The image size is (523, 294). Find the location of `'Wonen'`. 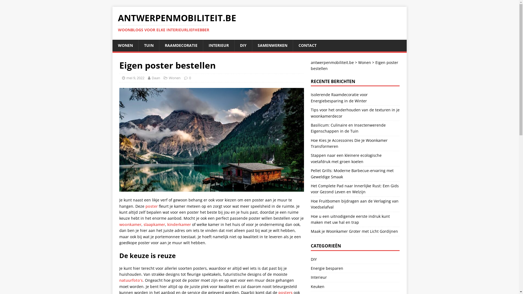

'Wonen' is located at coordinates (175, 78).